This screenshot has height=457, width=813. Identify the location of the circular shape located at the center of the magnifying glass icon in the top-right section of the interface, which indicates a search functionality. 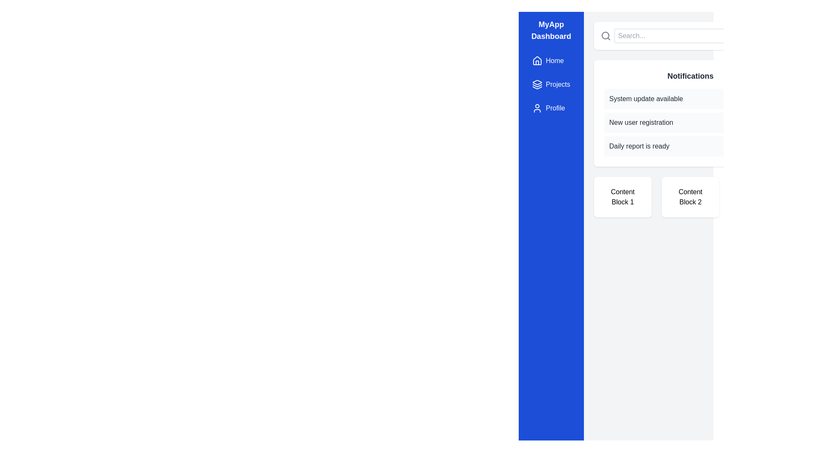
(605, 35).